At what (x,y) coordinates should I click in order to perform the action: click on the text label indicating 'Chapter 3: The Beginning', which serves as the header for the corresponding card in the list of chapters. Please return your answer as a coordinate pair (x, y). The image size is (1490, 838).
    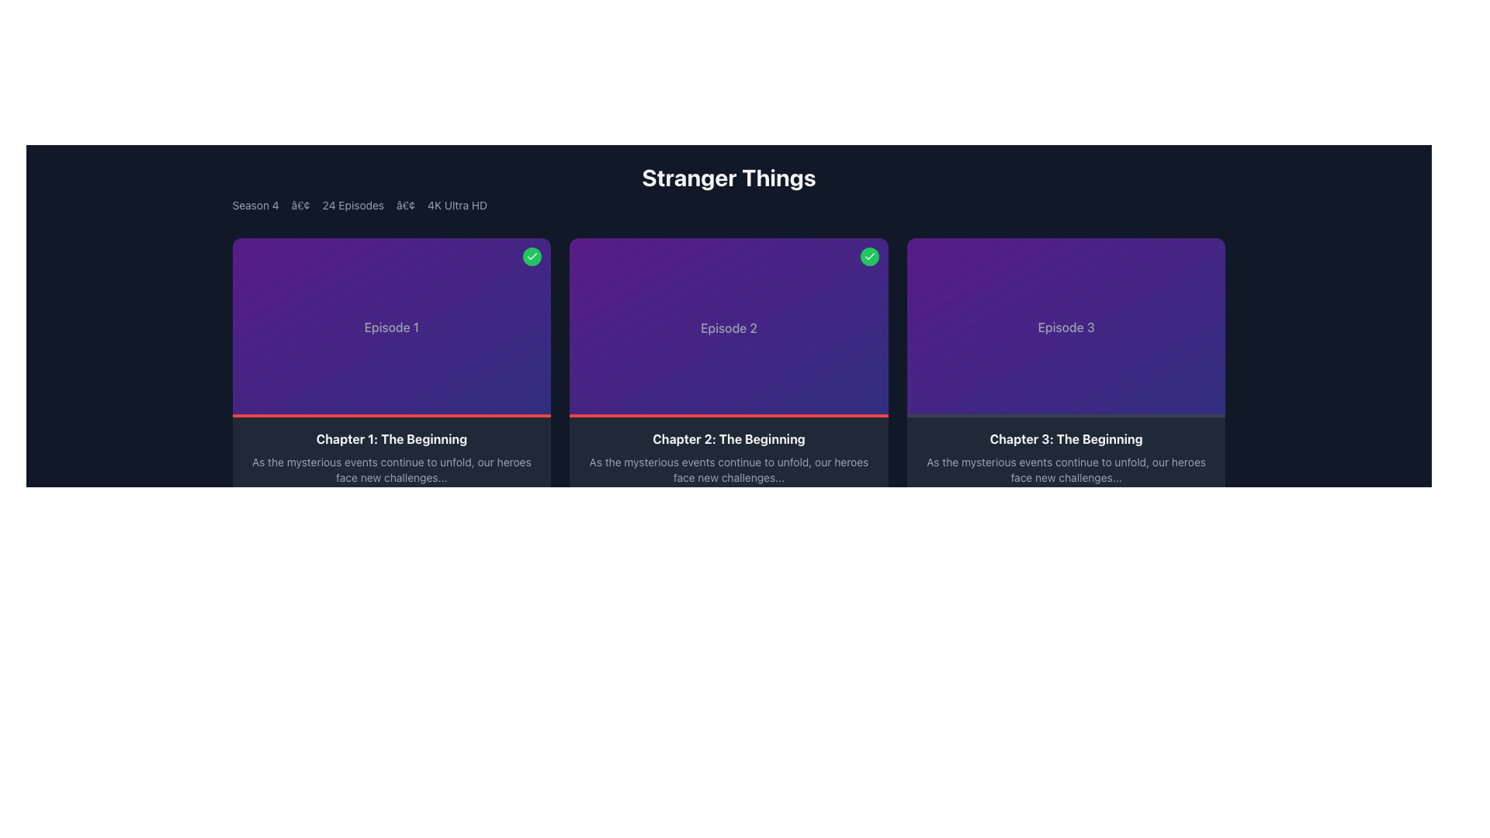
    Looking at the image, I should click on (1066, 439).